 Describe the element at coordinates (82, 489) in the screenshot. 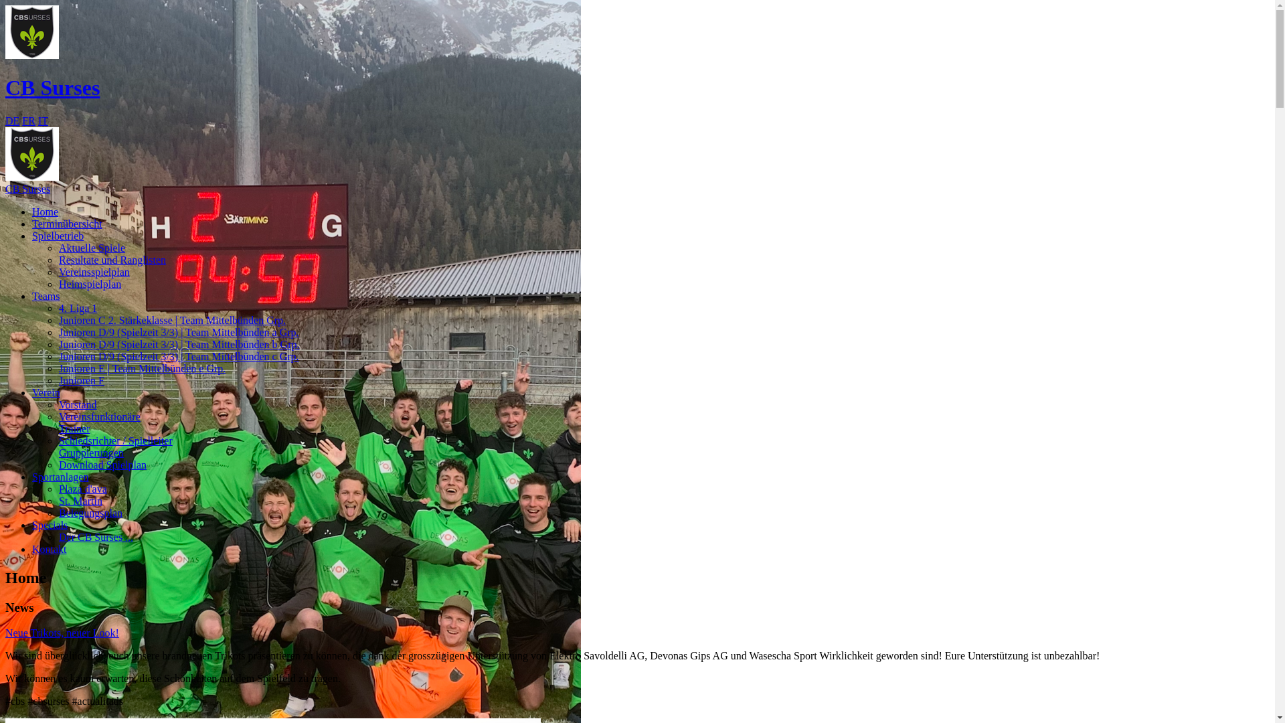

I see `'Plaza d'ava'` at that location.